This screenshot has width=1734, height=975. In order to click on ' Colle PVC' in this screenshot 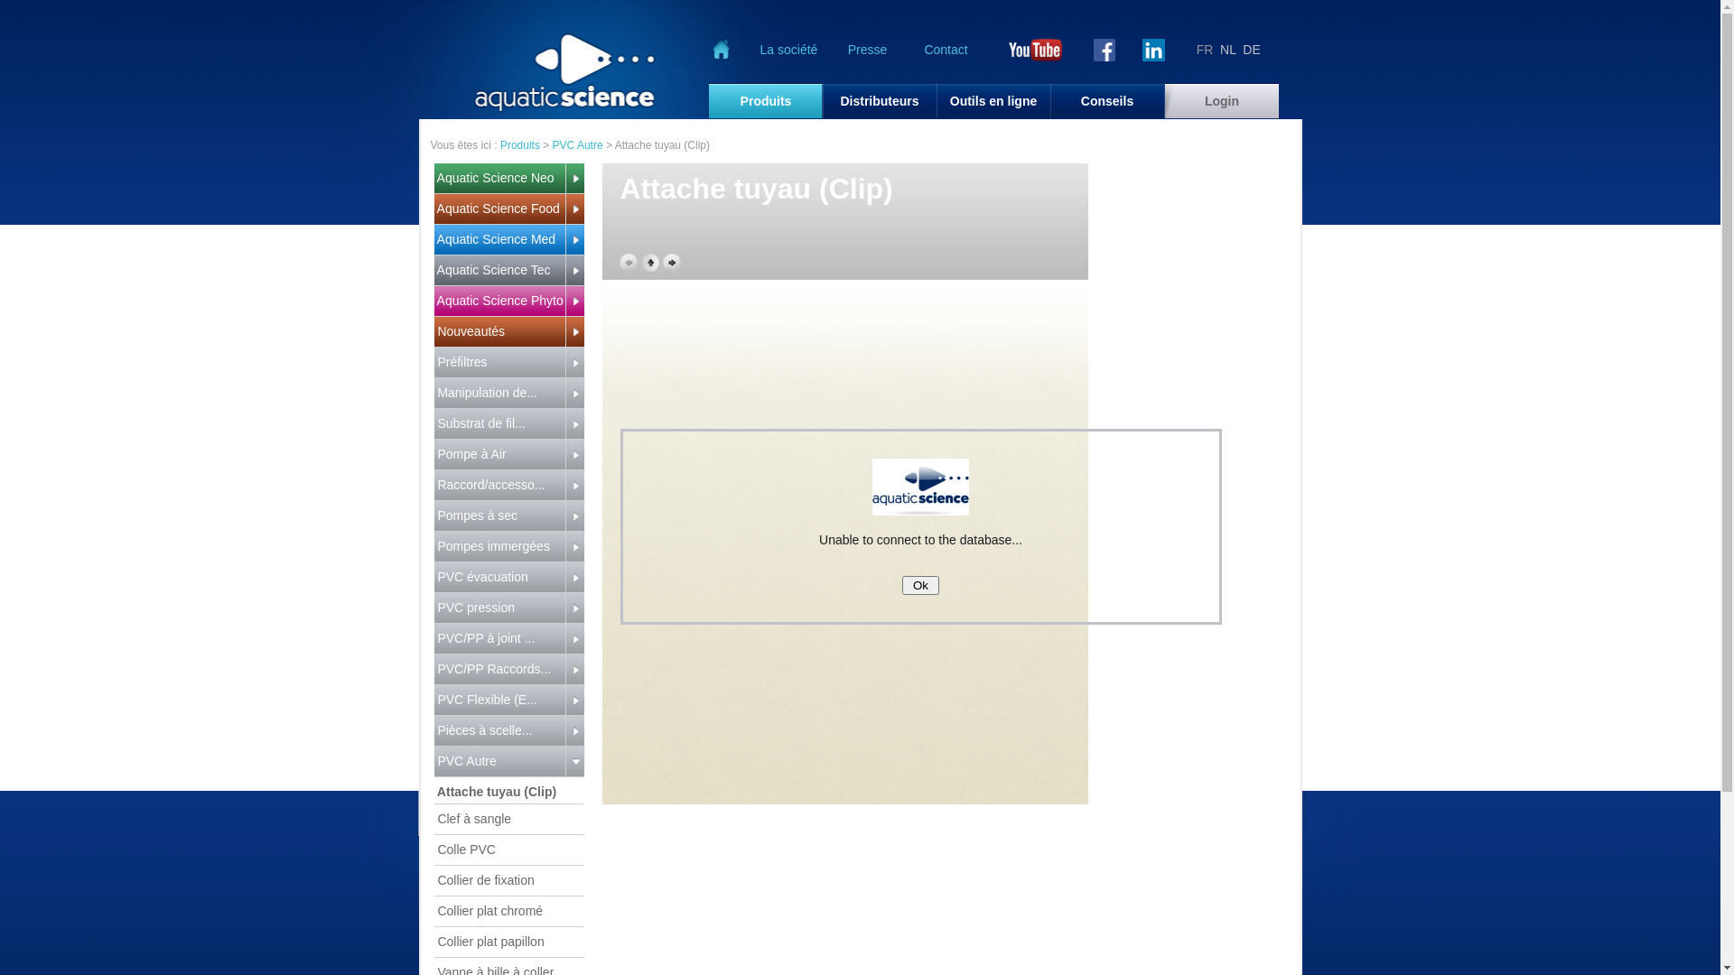, I will do `click(433, 850)`.